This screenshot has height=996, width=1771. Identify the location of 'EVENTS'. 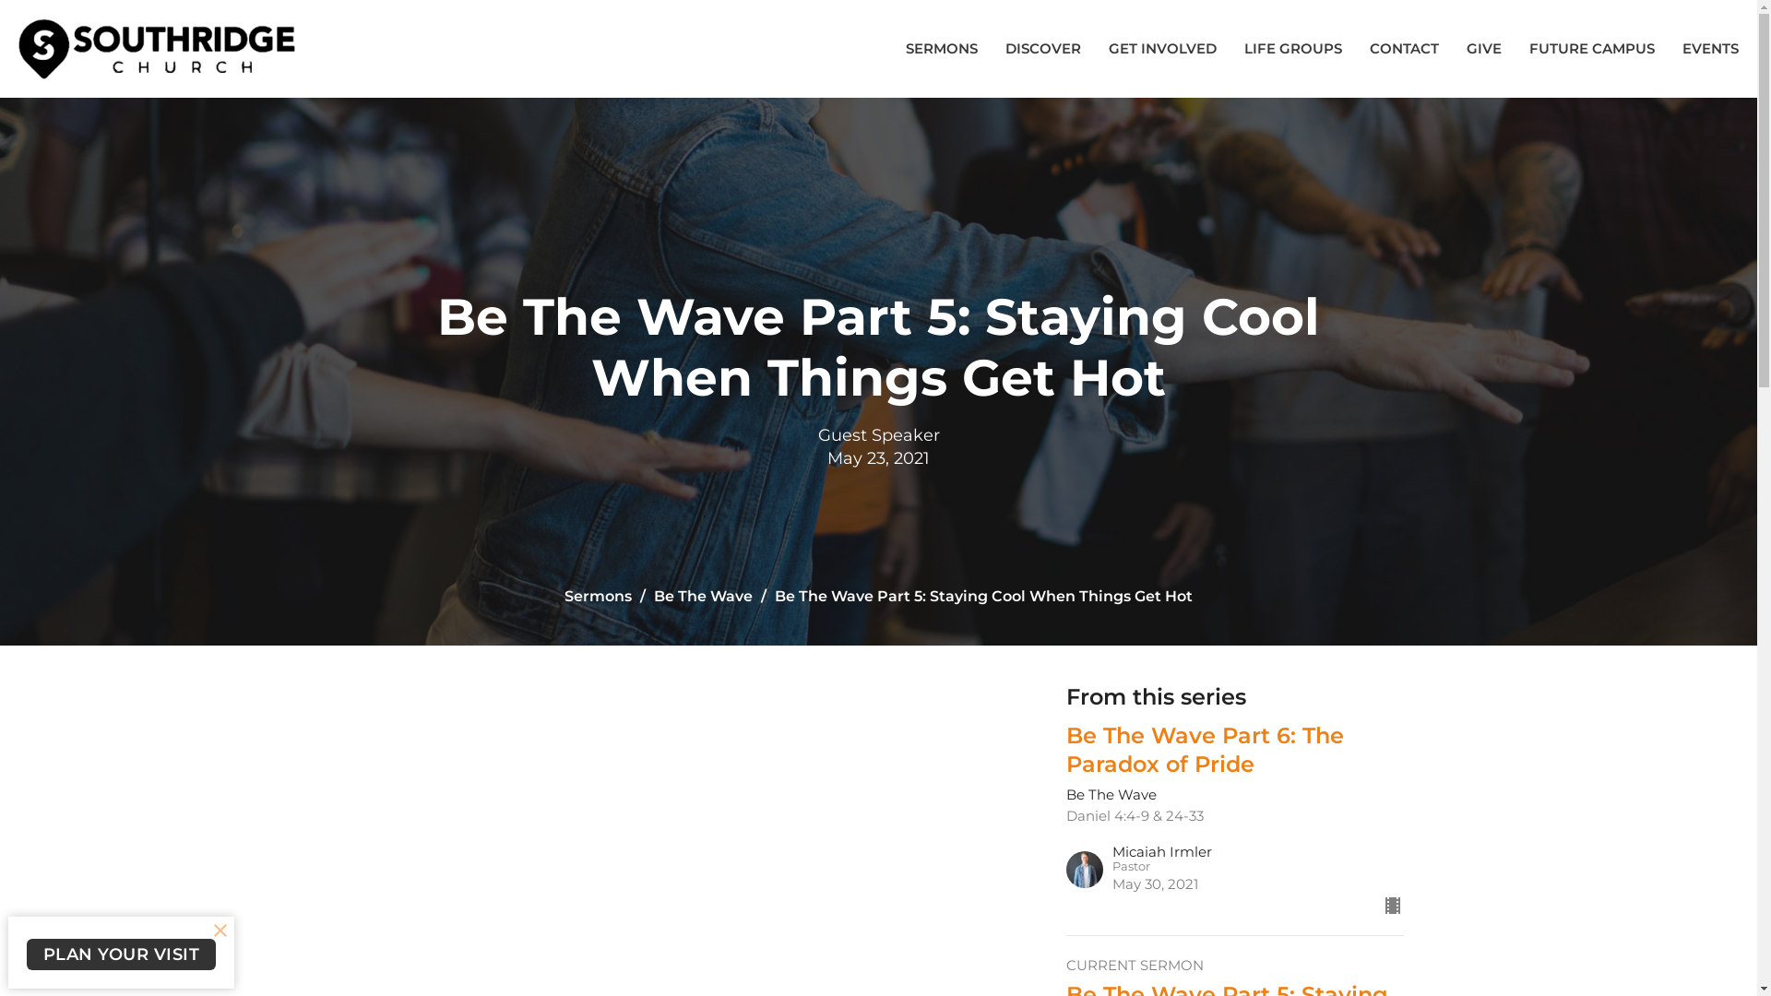
(1709, 47).